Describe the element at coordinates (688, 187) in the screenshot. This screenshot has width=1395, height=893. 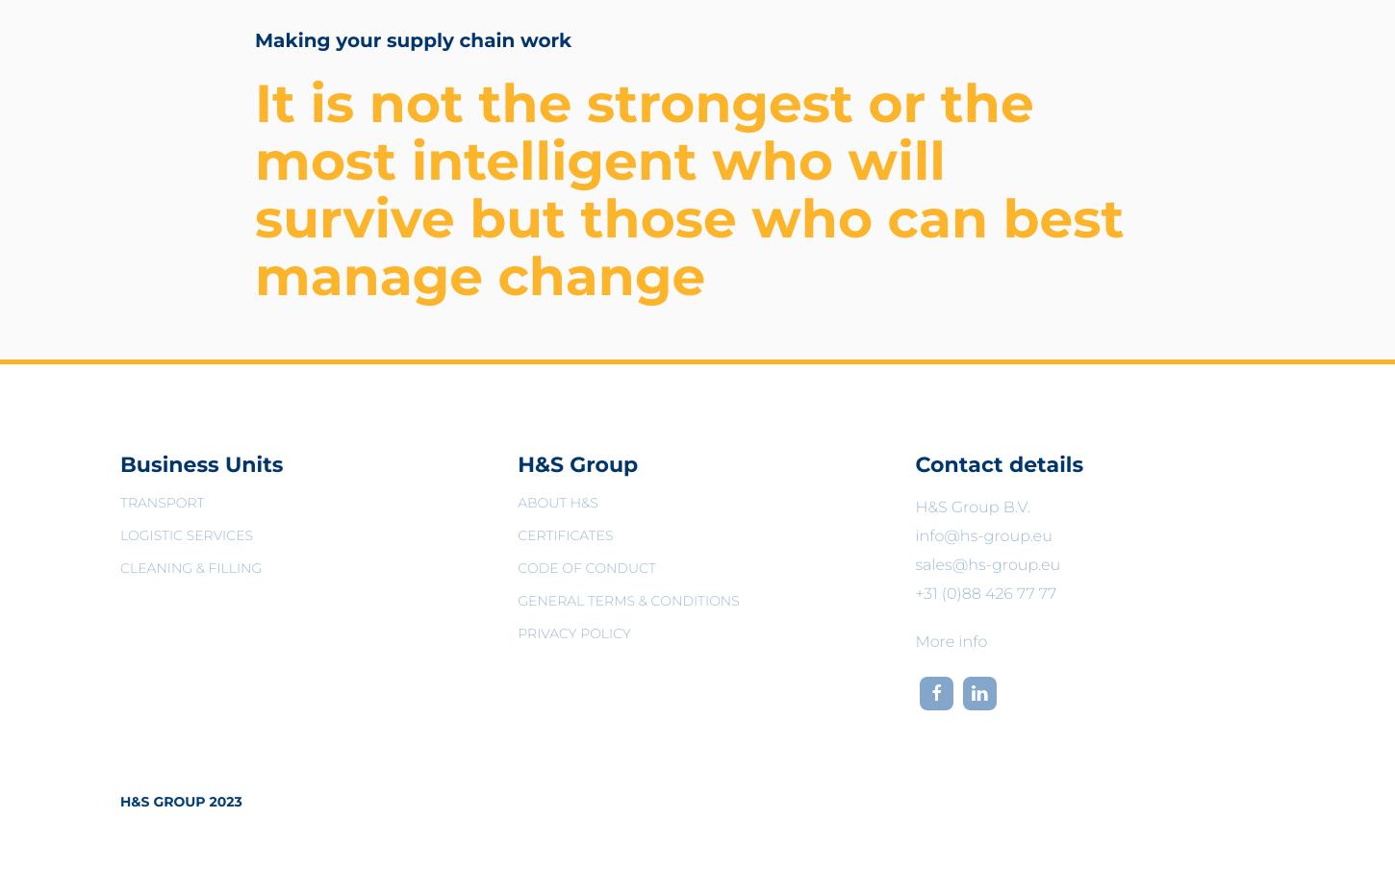
I see `'It is not the strongest or the most intelligent who will survive but those who can best manage change'` at that location.